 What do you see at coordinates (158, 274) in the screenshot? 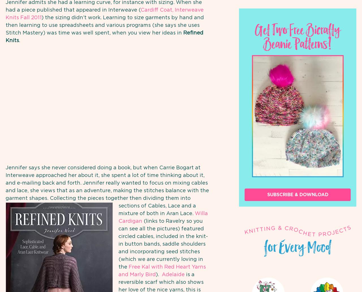
I see `').'` at bounding box center [158, 274].